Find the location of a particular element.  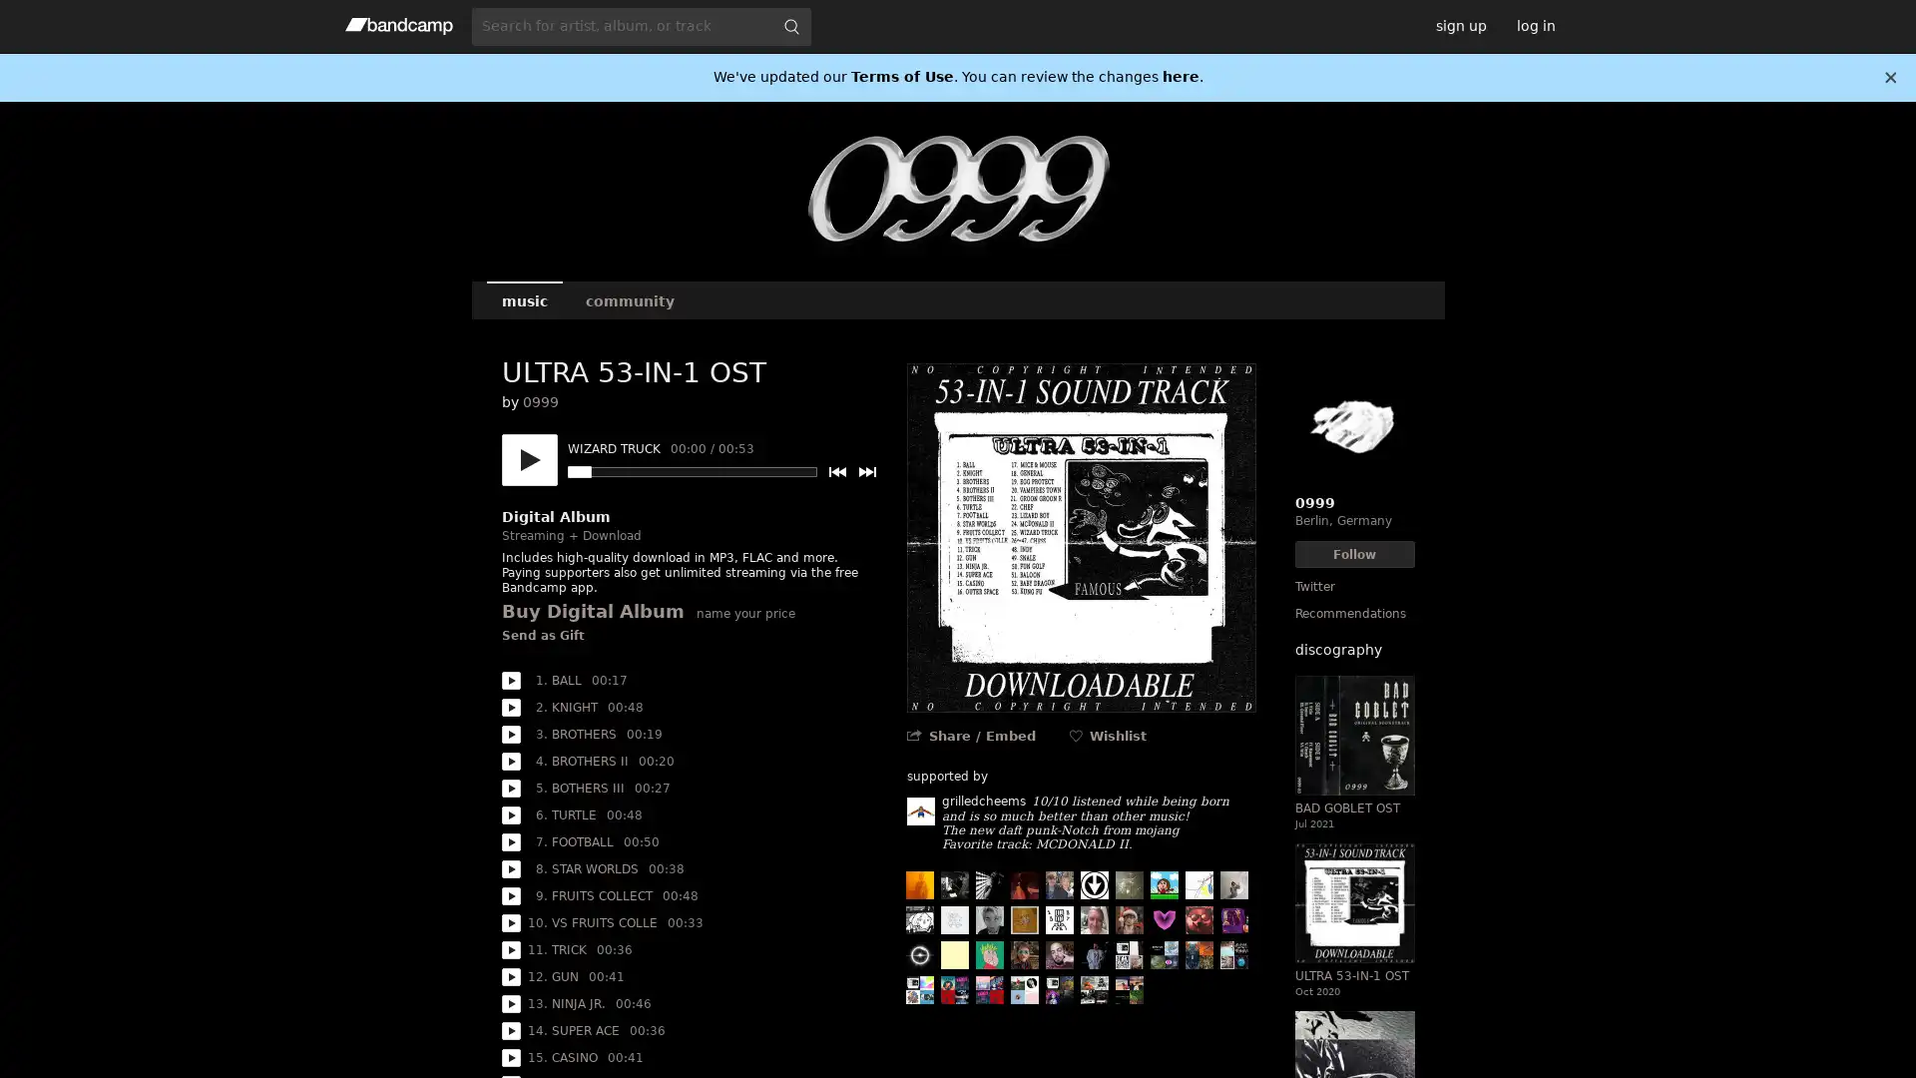

Play TRICK is located at coordinates (510, 949).